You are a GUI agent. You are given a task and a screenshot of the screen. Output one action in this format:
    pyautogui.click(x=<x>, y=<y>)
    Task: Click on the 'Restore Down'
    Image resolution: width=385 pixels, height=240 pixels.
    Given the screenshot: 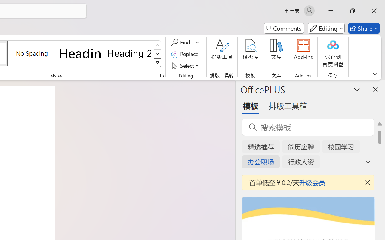 What is the action you would take?
    pyautogui.click(x=353, y=10)
    